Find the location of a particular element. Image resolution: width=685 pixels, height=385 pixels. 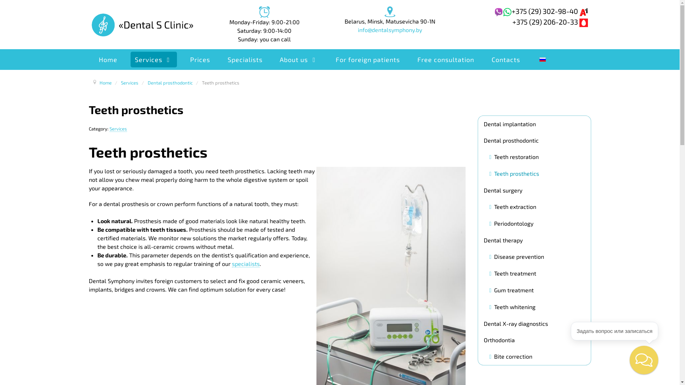

'Home' is located at coordinates (105, 82).